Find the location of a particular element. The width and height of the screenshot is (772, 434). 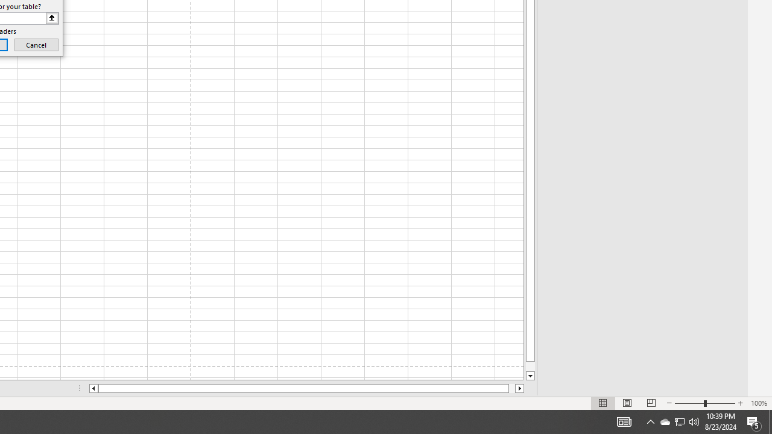

'Page right' is located at coordinates (511, 388).